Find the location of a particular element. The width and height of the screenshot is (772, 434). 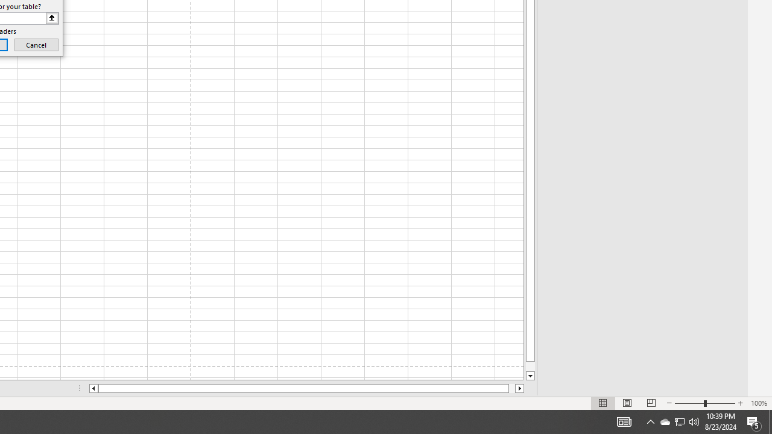

'Page right' is located at coordinates (511, 388).